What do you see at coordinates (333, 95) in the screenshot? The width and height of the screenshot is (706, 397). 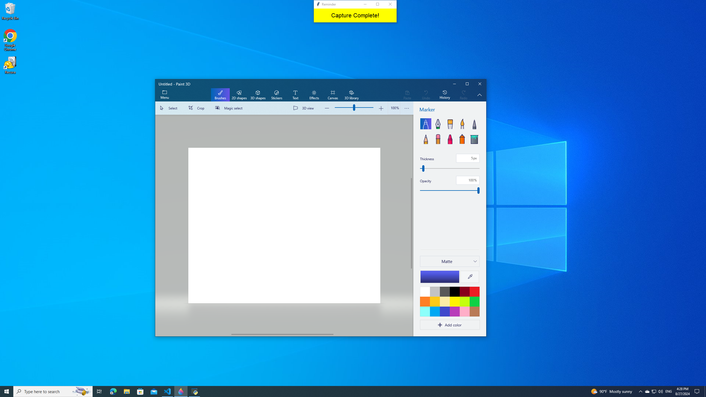 I see `'Canvas'` at bounding box center [333, 95].